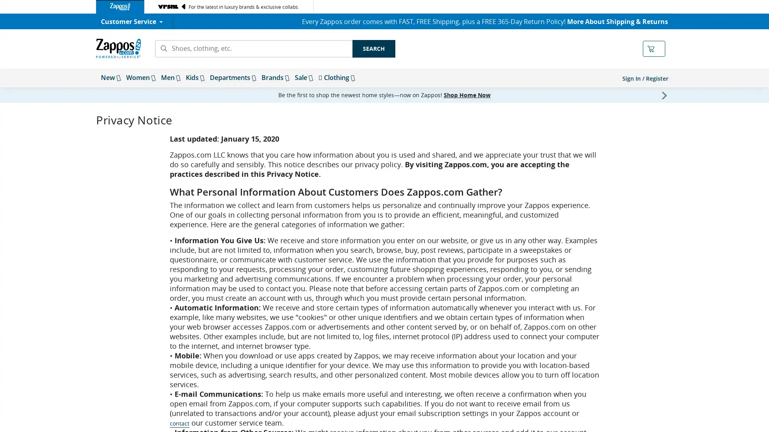 This screenshot has width=769, height=432. What do you see at coordinates (105, 95) in the screenshot?
I see `Previous` at bounding box center [105, 95].